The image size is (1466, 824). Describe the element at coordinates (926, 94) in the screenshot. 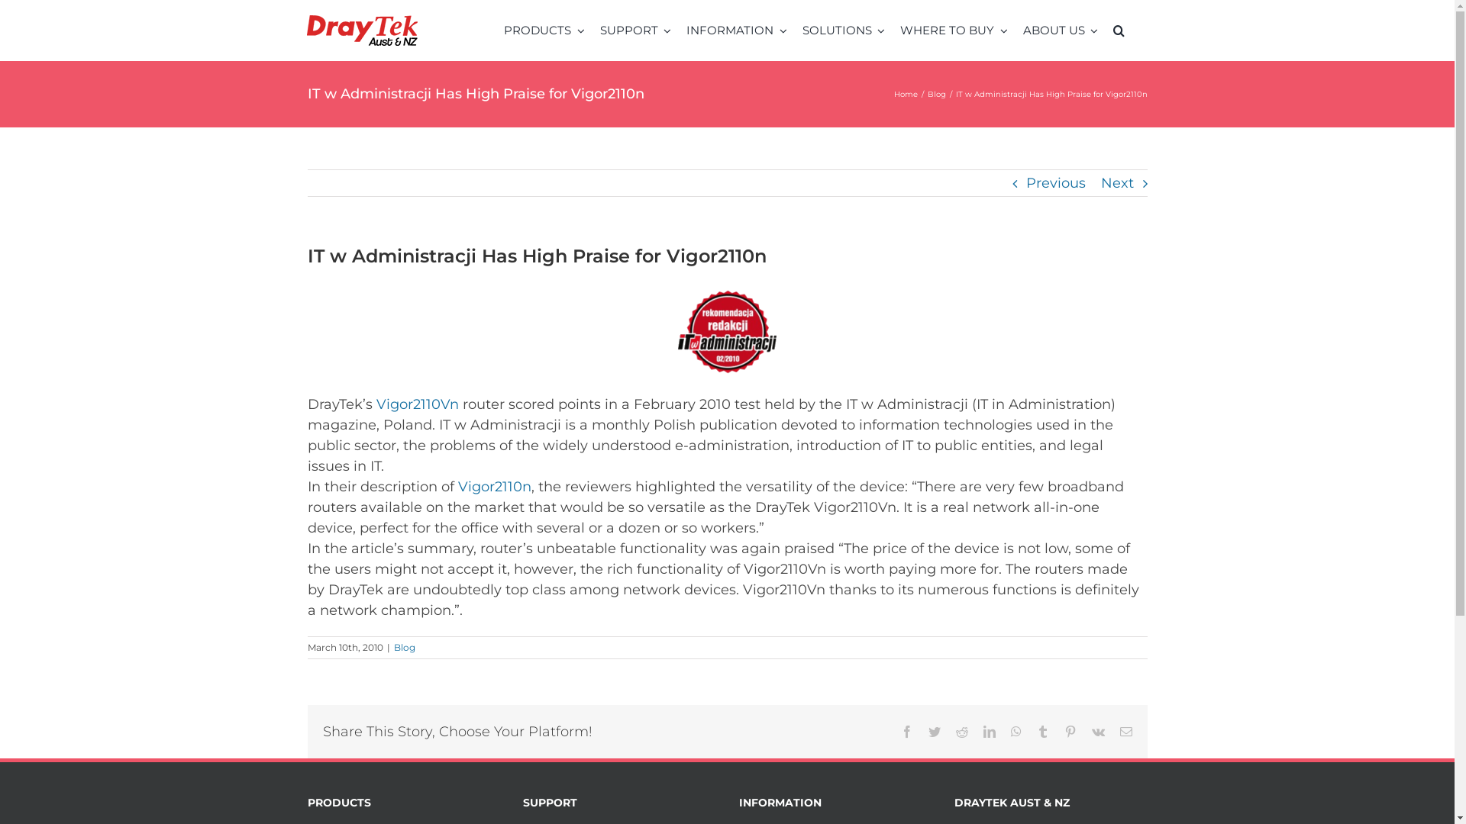

I see `'Blog'` at that location.